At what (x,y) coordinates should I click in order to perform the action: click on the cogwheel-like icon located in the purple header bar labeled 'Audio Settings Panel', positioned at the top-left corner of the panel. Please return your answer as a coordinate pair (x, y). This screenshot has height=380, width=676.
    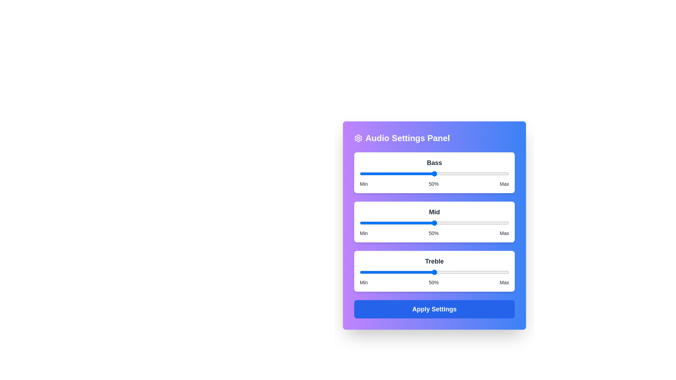
    Looking at the image, I should click on (358, 138).